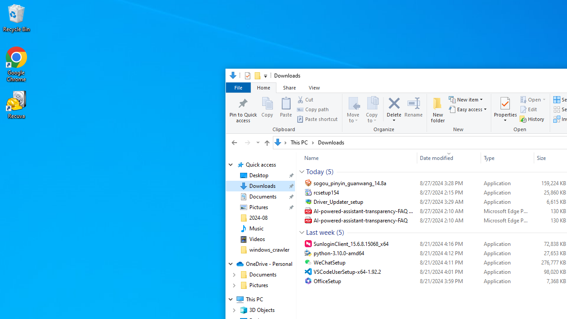 The image size is (567, 319). What do you see at coordinates (266, 144) in the screenshot?
I see `'Up band toolbar'` at bounding box center [266, 144].